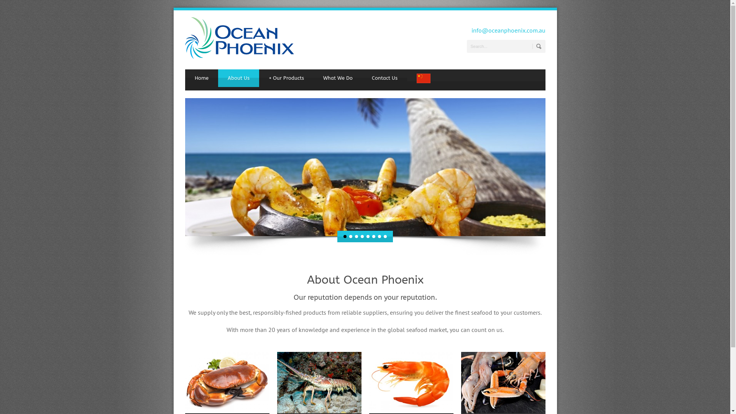 The height and width of the screenshot is (414, 736). Describe the element at coordinates (384, 78) in the screenshot. I see `'Contact Us'` at that location.